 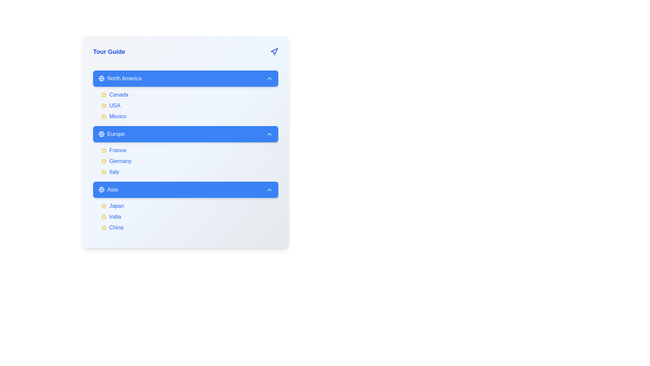 I want to click on the yellow star-shaped icon next to the text 'Italy', so click(x=104, y=172).